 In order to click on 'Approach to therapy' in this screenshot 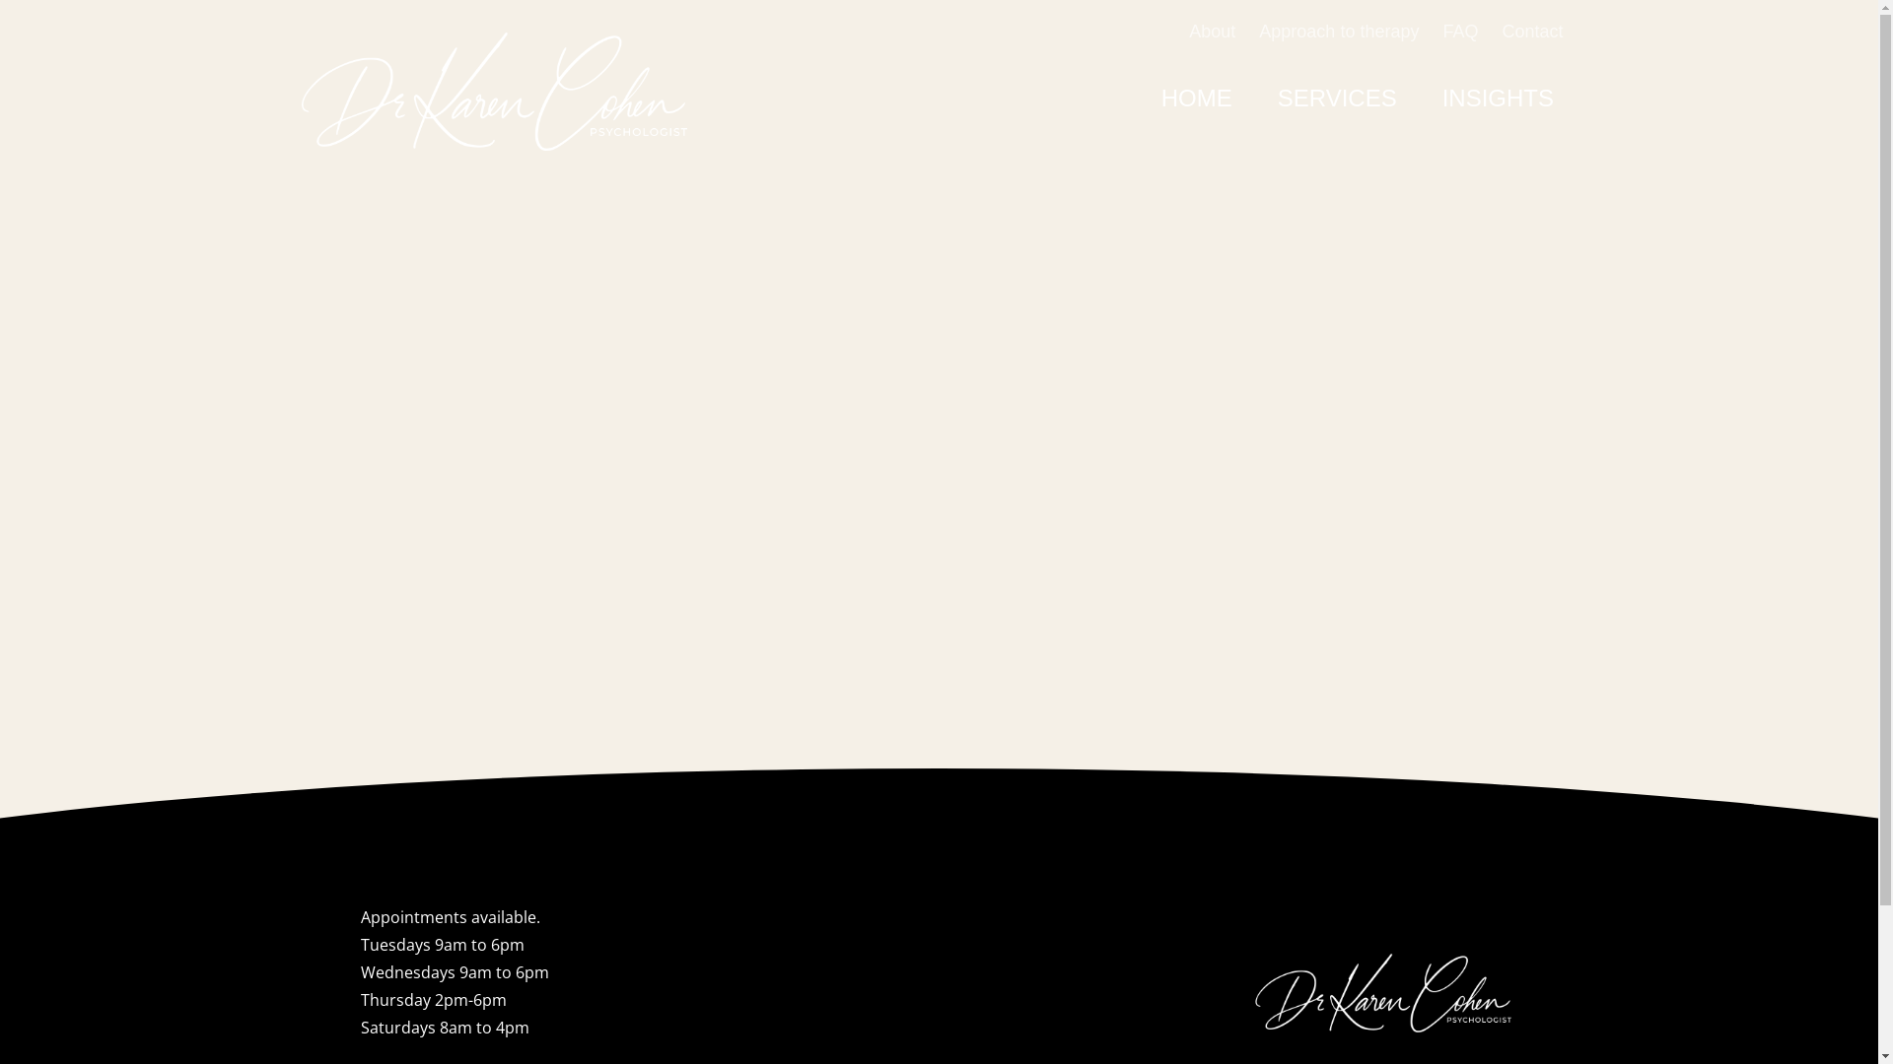, I will do `click(1339, 31)`.